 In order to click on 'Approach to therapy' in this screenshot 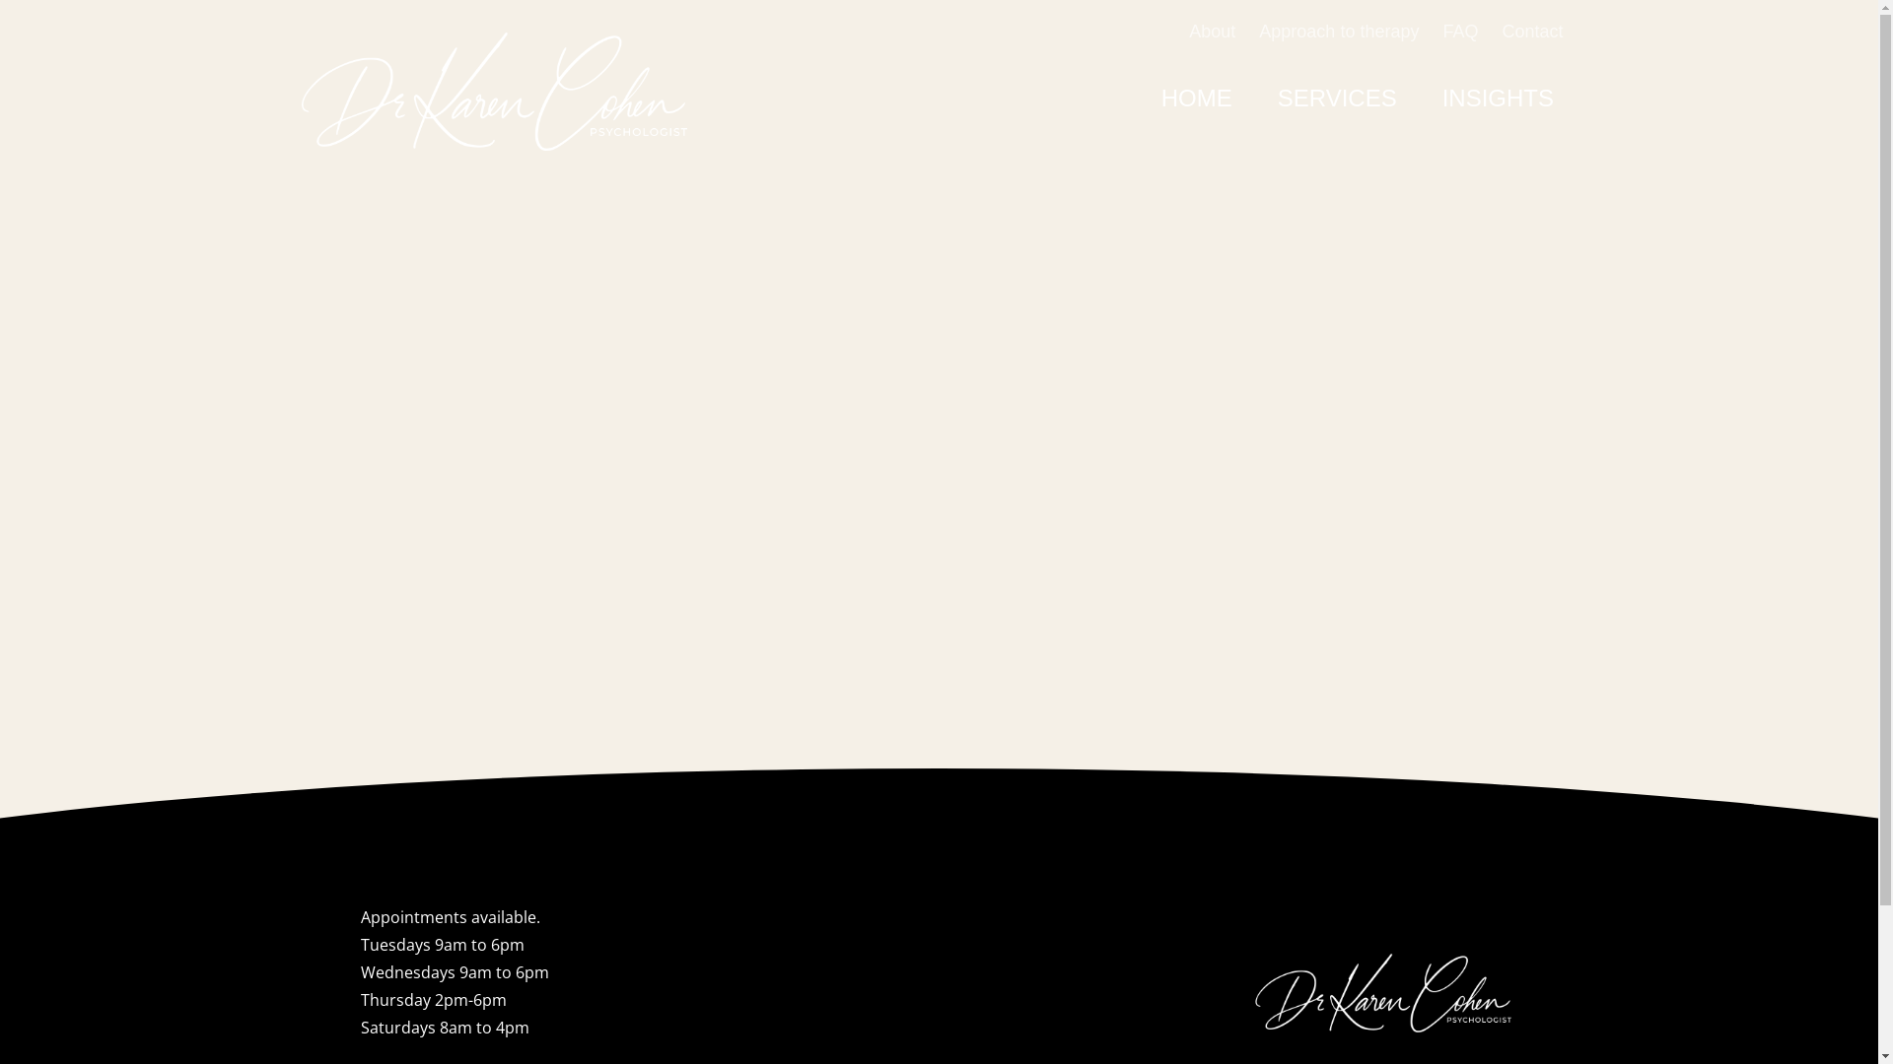, I will do `click(1339, 31)`.